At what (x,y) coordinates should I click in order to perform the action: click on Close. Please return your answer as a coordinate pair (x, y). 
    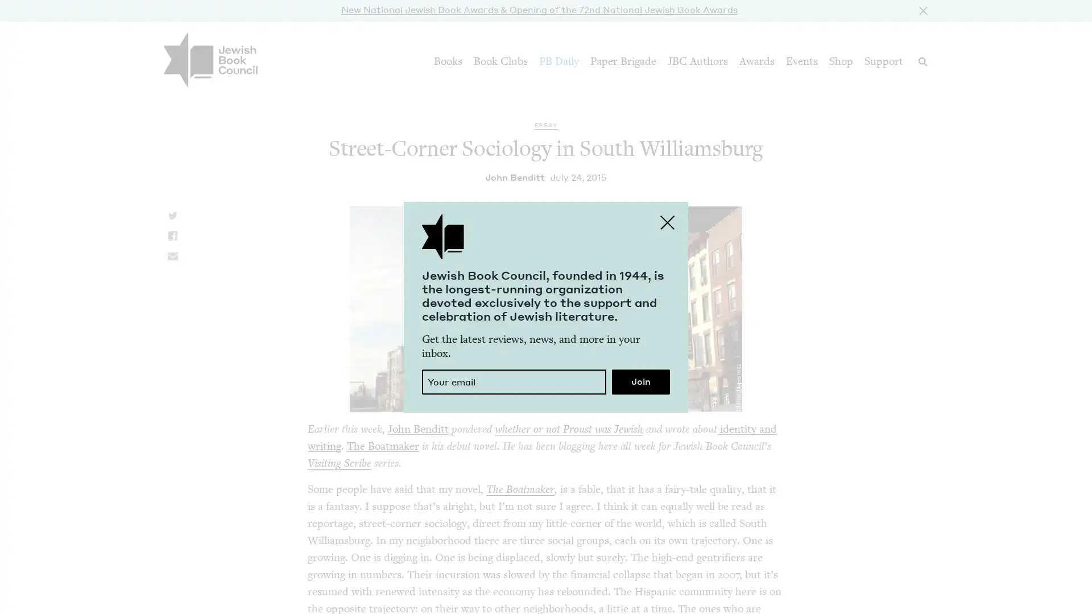
    Looking at the image, I should click on (668, 221).